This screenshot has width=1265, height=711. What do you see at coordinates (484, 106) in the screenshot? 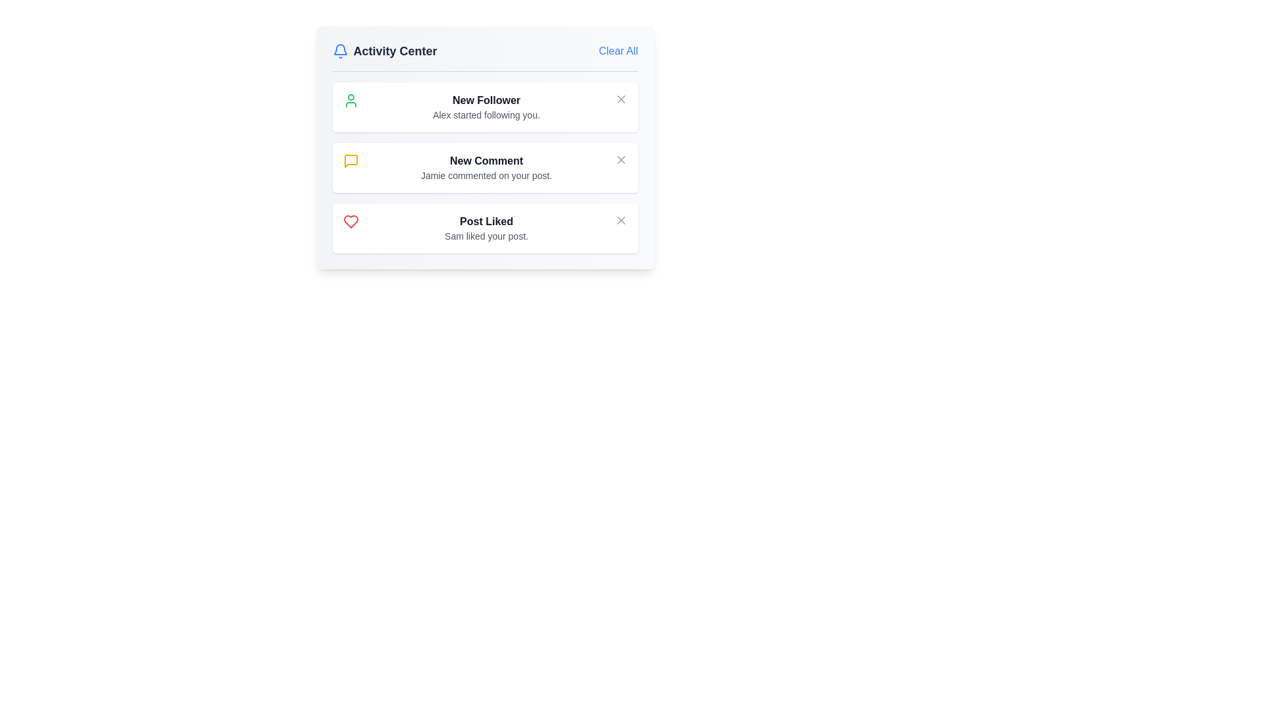
I see `notification message in the notification card titled 'New Follower' which contains the text 'Alex started following you.'` at bounding box center [484, 106].